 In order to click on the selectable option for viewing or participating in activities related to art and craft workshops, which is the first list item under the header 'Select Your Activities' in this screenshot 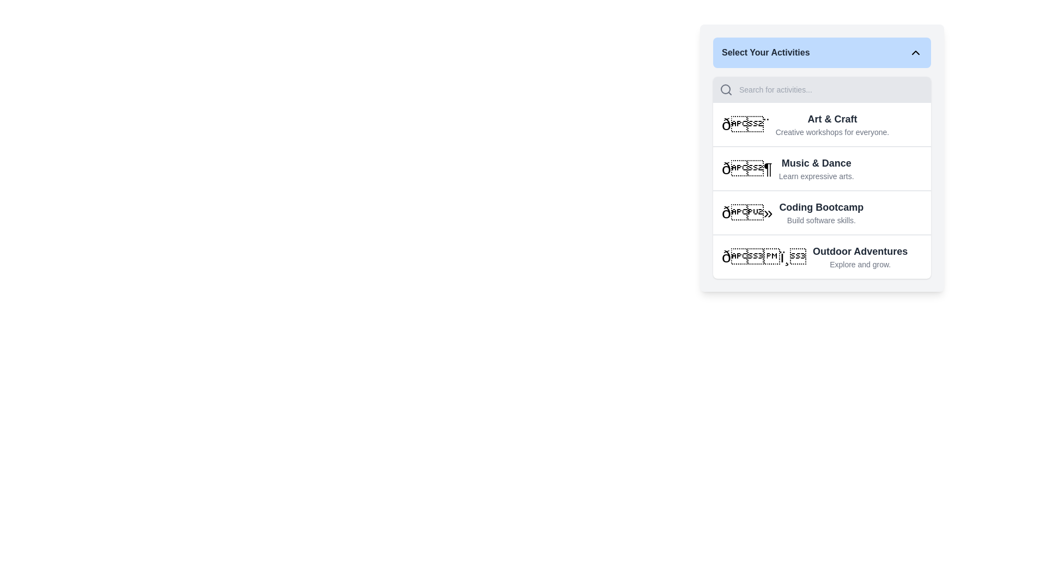, I will do `click(822, 124)`.